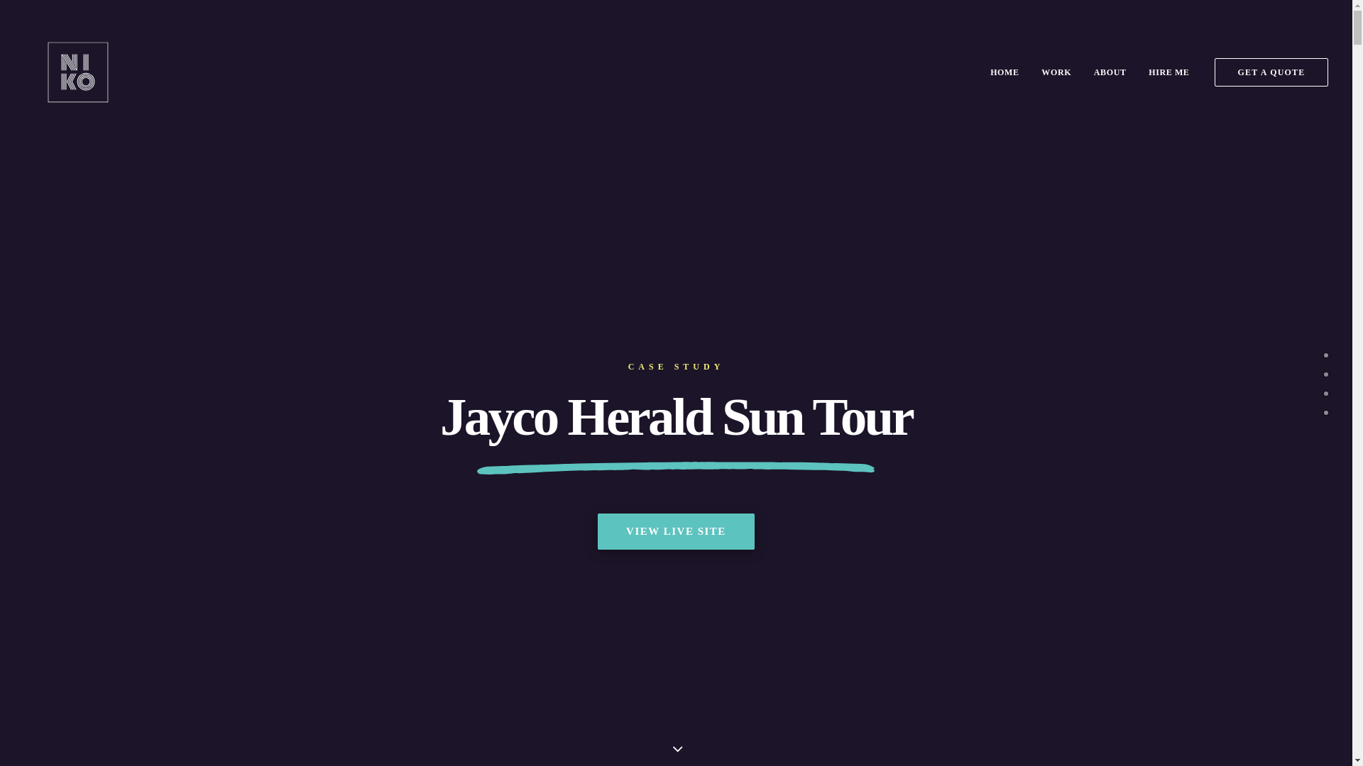  I want to click on 'GET A QUOTE', so click(1271, 72).